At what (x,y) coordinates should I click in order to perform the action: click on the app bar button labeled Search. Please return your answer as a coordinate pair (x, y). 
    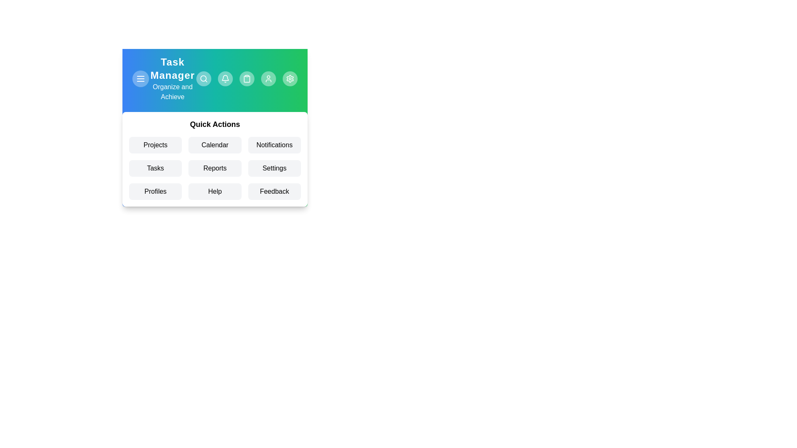
    Looking at the image, I should click on (203, 78).